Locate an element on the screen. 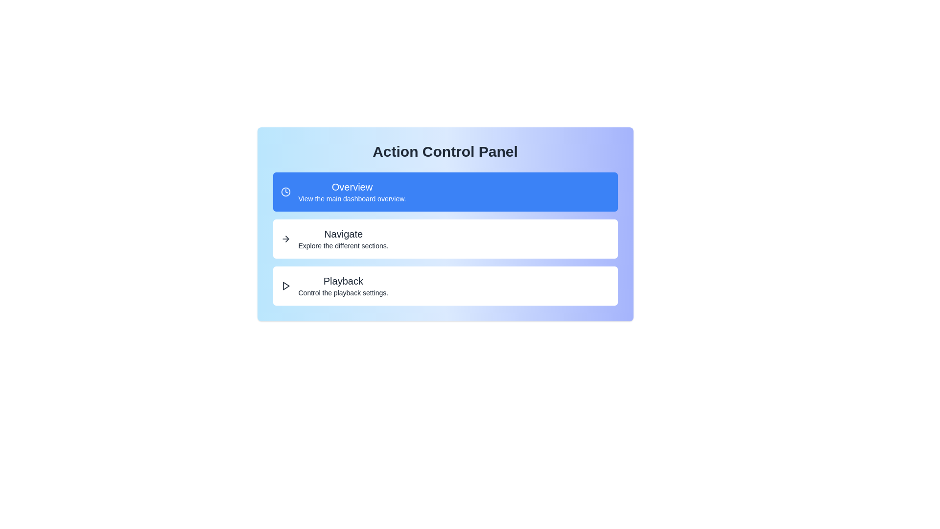 The height and width of the screenshot is (529, 940). the 'Playback' element, which consists of two lines of text: 'Playback' in bold and 'Control the playback settings.' below it, positioned in a vertical list of actions is located at coordinates (343, 286).